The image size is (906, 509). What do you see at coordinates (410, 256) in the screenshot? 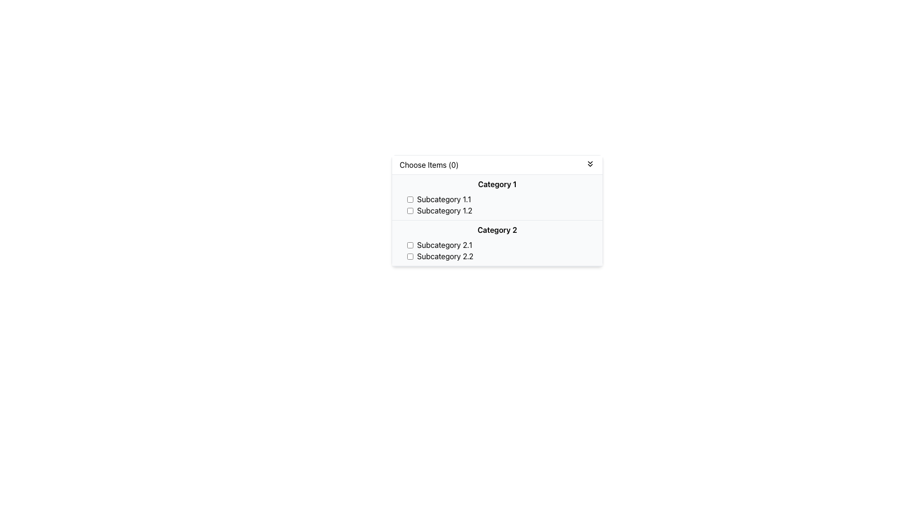
I see `the checkbox labeled 'Subcategory 2.2' which is located to the left of the text within a dropdown selection box under 'Category 2'` at bounding box center [410, 256].